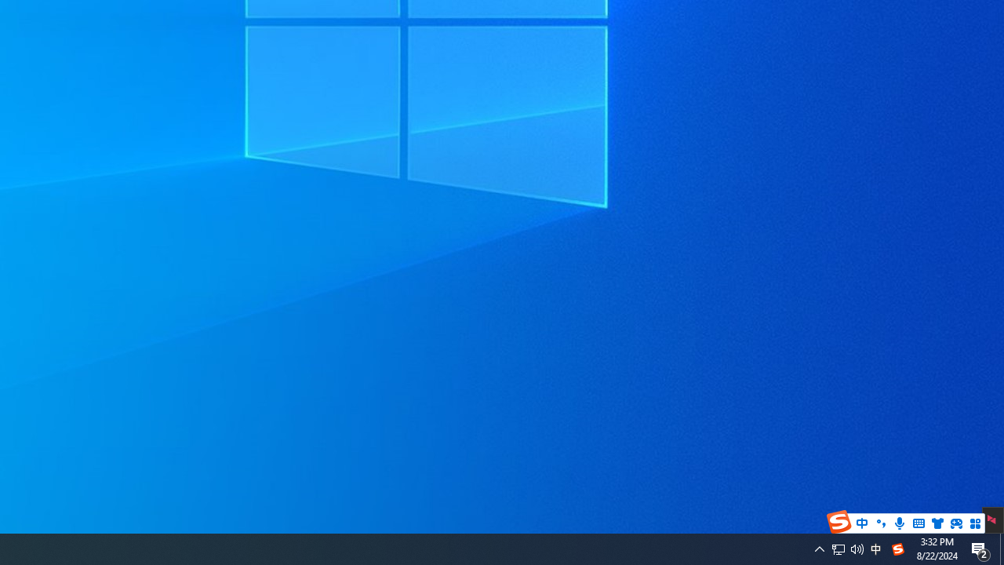 The width and height of the screenshot is (1004, 565). What do you see at coordinates (980, 548) in the screenshot?
I see `'Action Center, 2 new notifications'` at bounding box center [980, 548].